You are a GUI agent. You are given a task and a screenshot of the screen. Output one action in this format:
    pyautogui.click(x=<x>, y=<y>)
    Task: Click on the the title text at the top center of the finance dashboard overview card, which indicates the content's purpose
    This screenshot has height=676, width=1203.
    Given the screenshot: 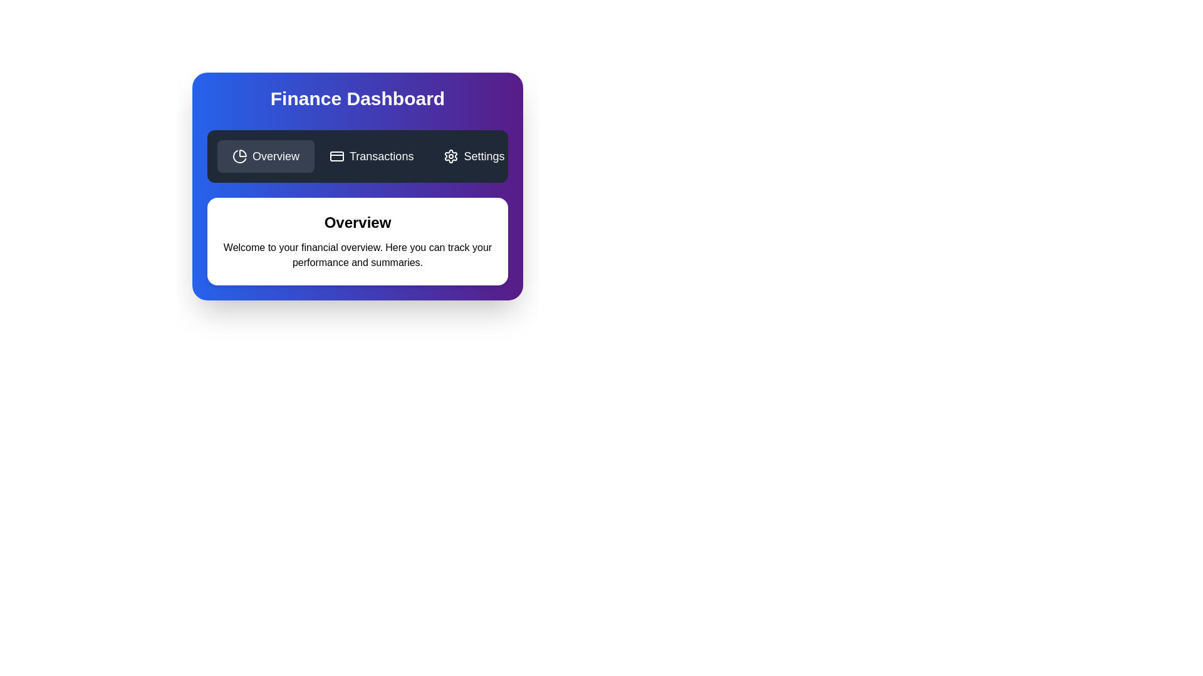 What is the action you would take?
    pyautogui.click(x=357, y=98)
    